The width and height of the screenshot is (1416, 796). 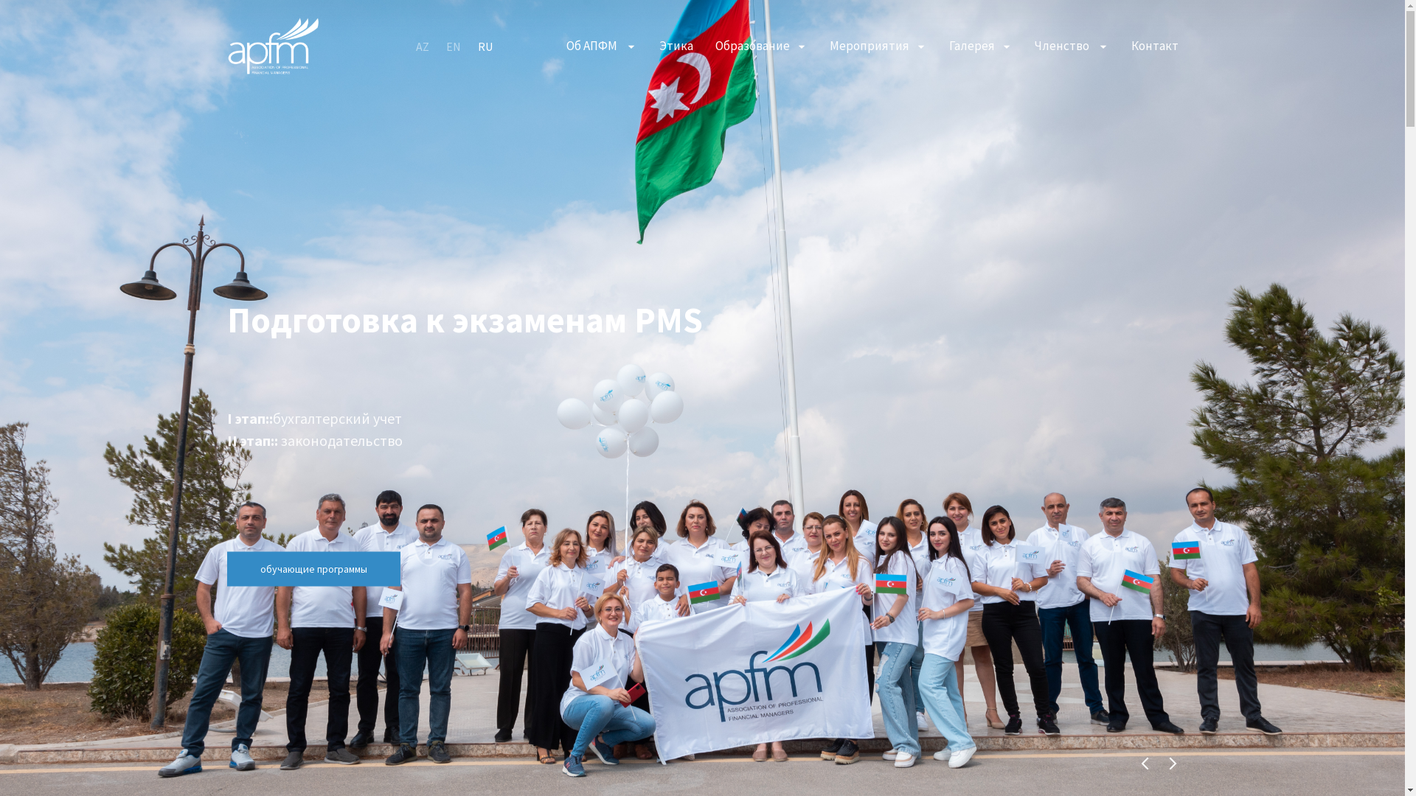 What do you see at coordinates (421, 45) in the screenshot?
I see `'AZ'` at bounding box center [421, 45].